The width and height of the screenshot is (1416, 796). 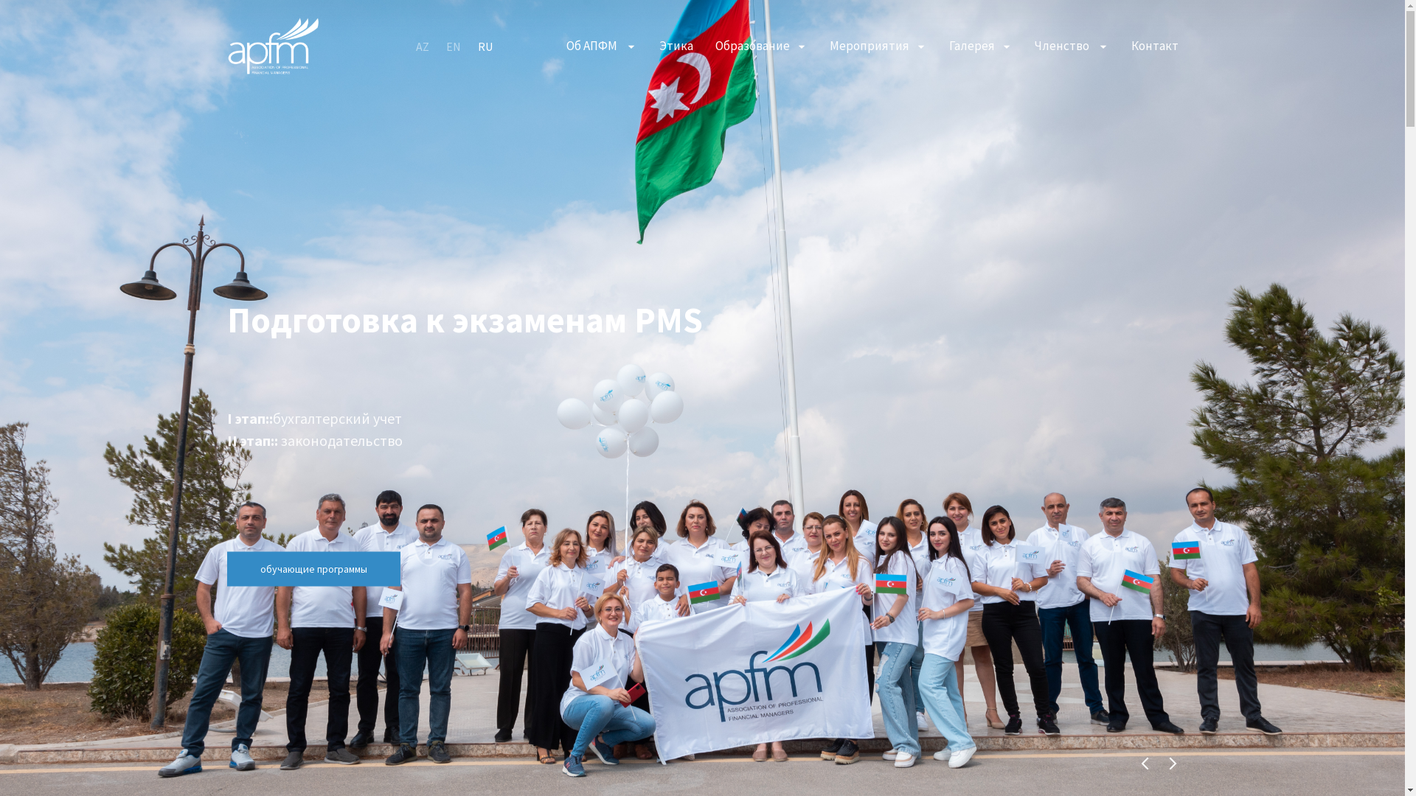 What do you see at coordinates (421, 45) in the screenshot?
I see `'AZ'` at bounding box center [421, 45].